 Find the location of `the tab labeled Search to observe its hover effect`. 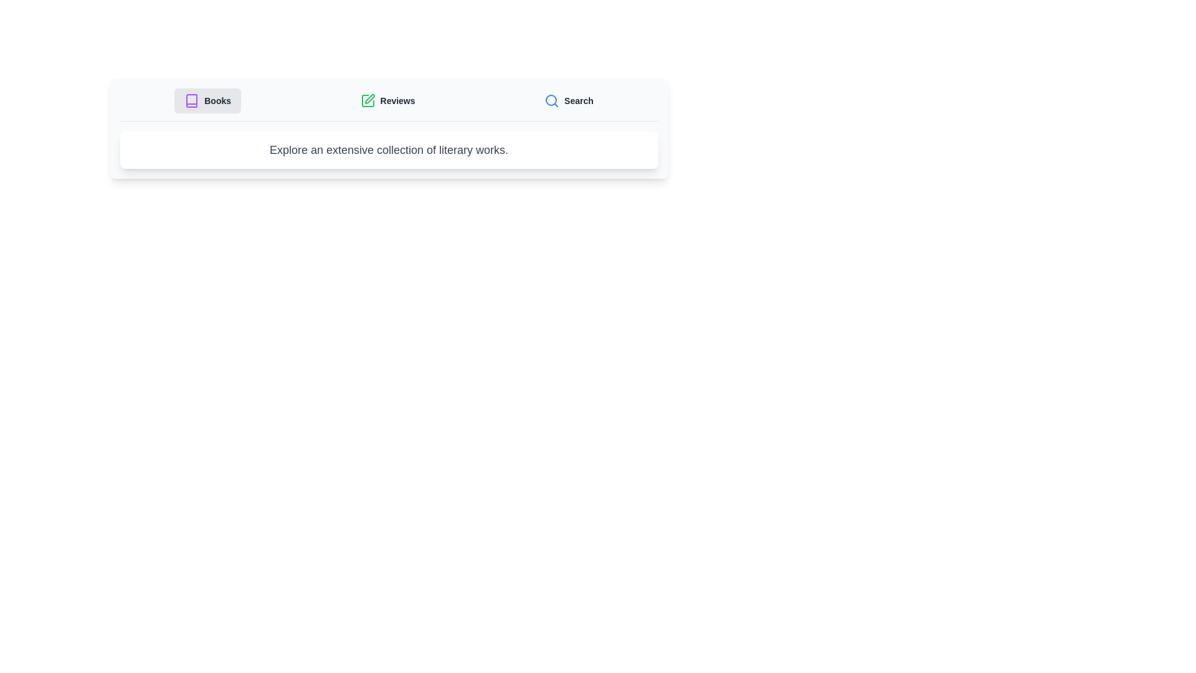

the tab labeled Search to observe its hover effect is located at coordinates (567, 100).